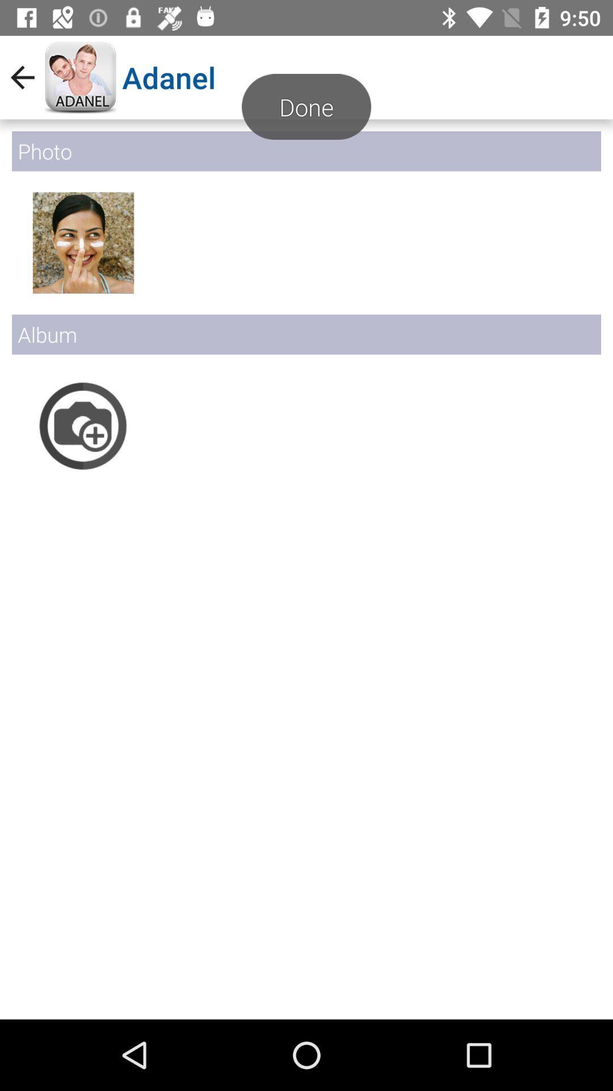 The width and height of the screenshot is (613, 1091). What do you see at coordinates (82, 242) in the screenshot?
I see `the avatar icon` at bounding box center [82, 242].